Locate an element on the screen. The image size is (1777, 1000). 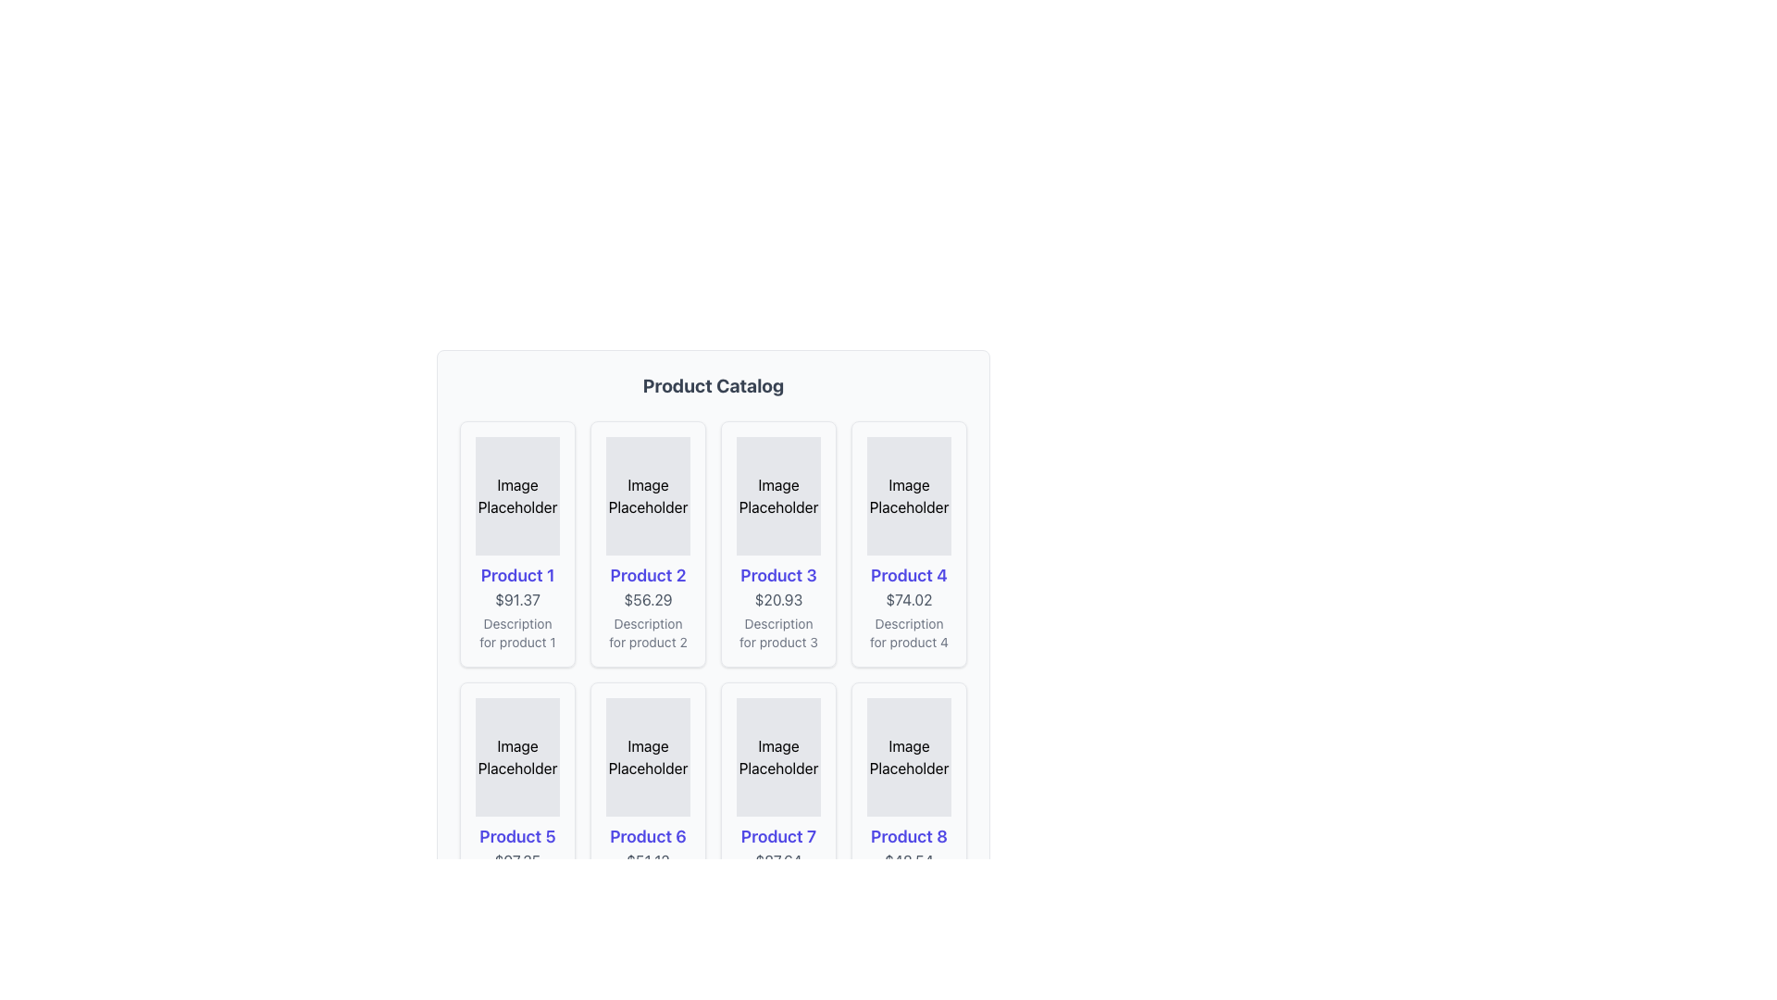
the text label displaying 'Description for product 2', which is located below the price display of '$56.29' within the 'Product 2' card is located at coordinates (648, 631).